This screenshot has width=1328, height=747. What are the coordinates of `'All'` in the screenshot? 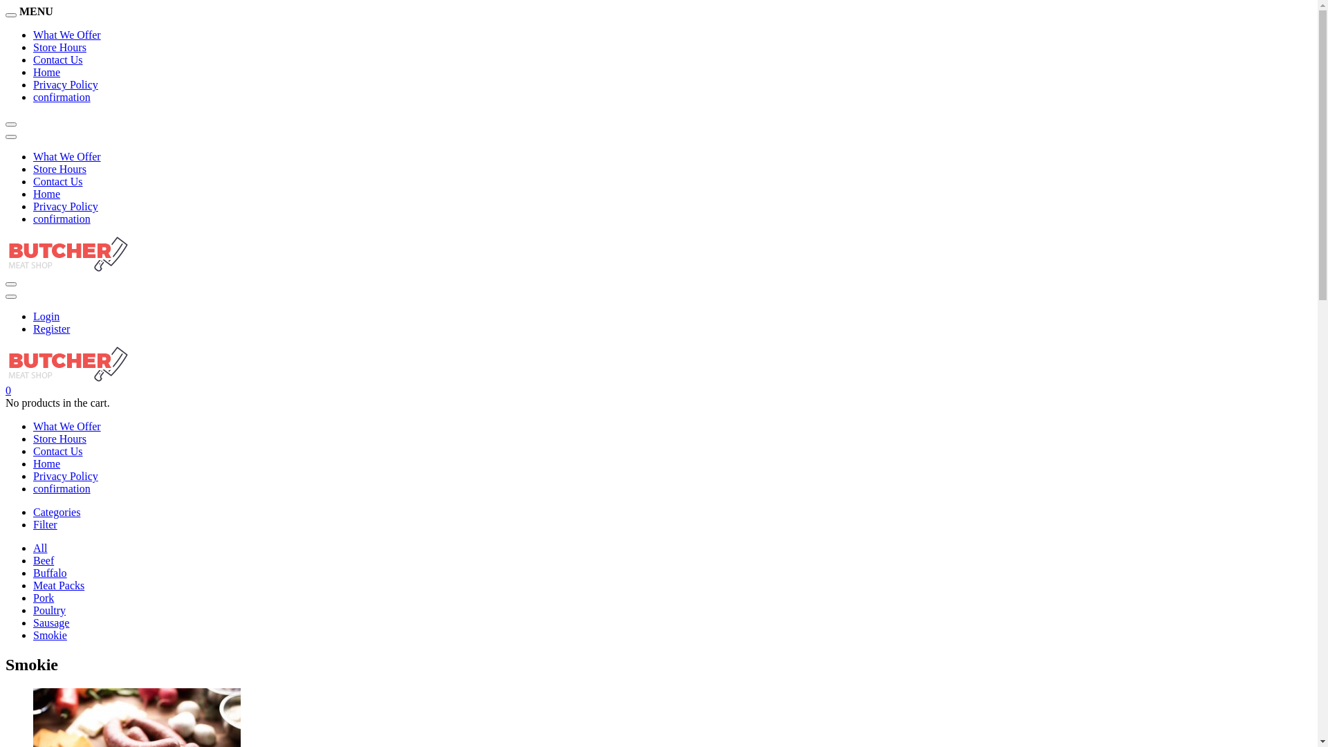 It's located at (39, 547).